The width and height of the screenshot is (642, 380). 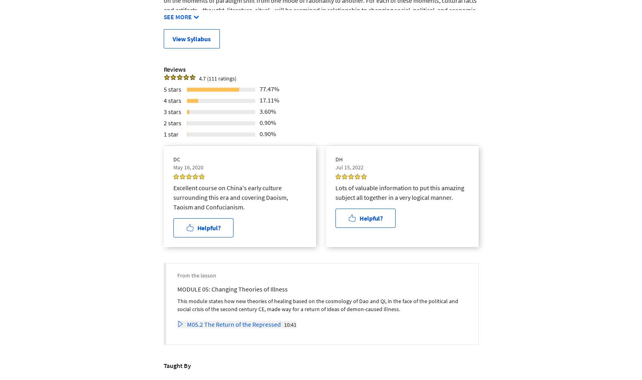 What do you see at coordinates (317, 305) in the screenshot?
I see `'This module states how new theories of healing based on the cosmology of Dao and Qi, in the face of the political and social crisis of the second century CE, made way for a return of ideas of demon-caused illness.'` at bounding box center [317, 305].